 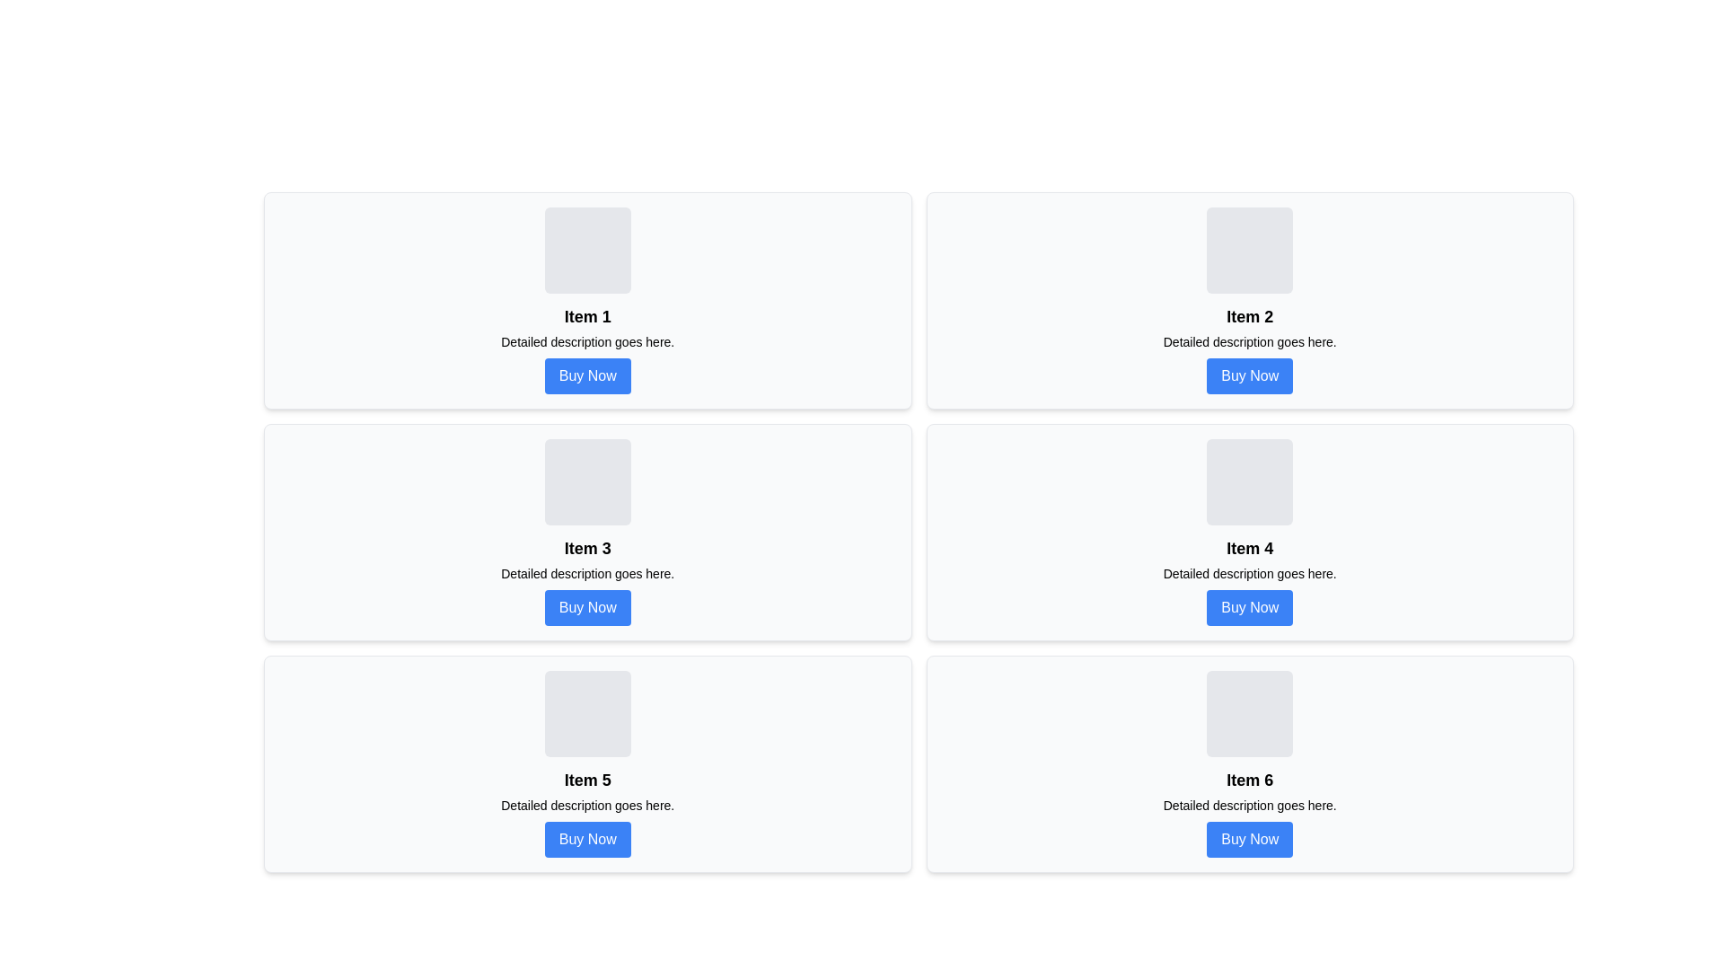 I want to click on the descriptive text label located below the title 'Item 1' and above the 'Buy Now' button within the card layout, so click(x=587, y=342).